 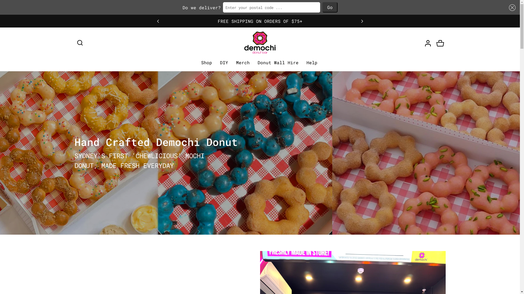 I want to click on 'Search', so click(x=79, y=42).